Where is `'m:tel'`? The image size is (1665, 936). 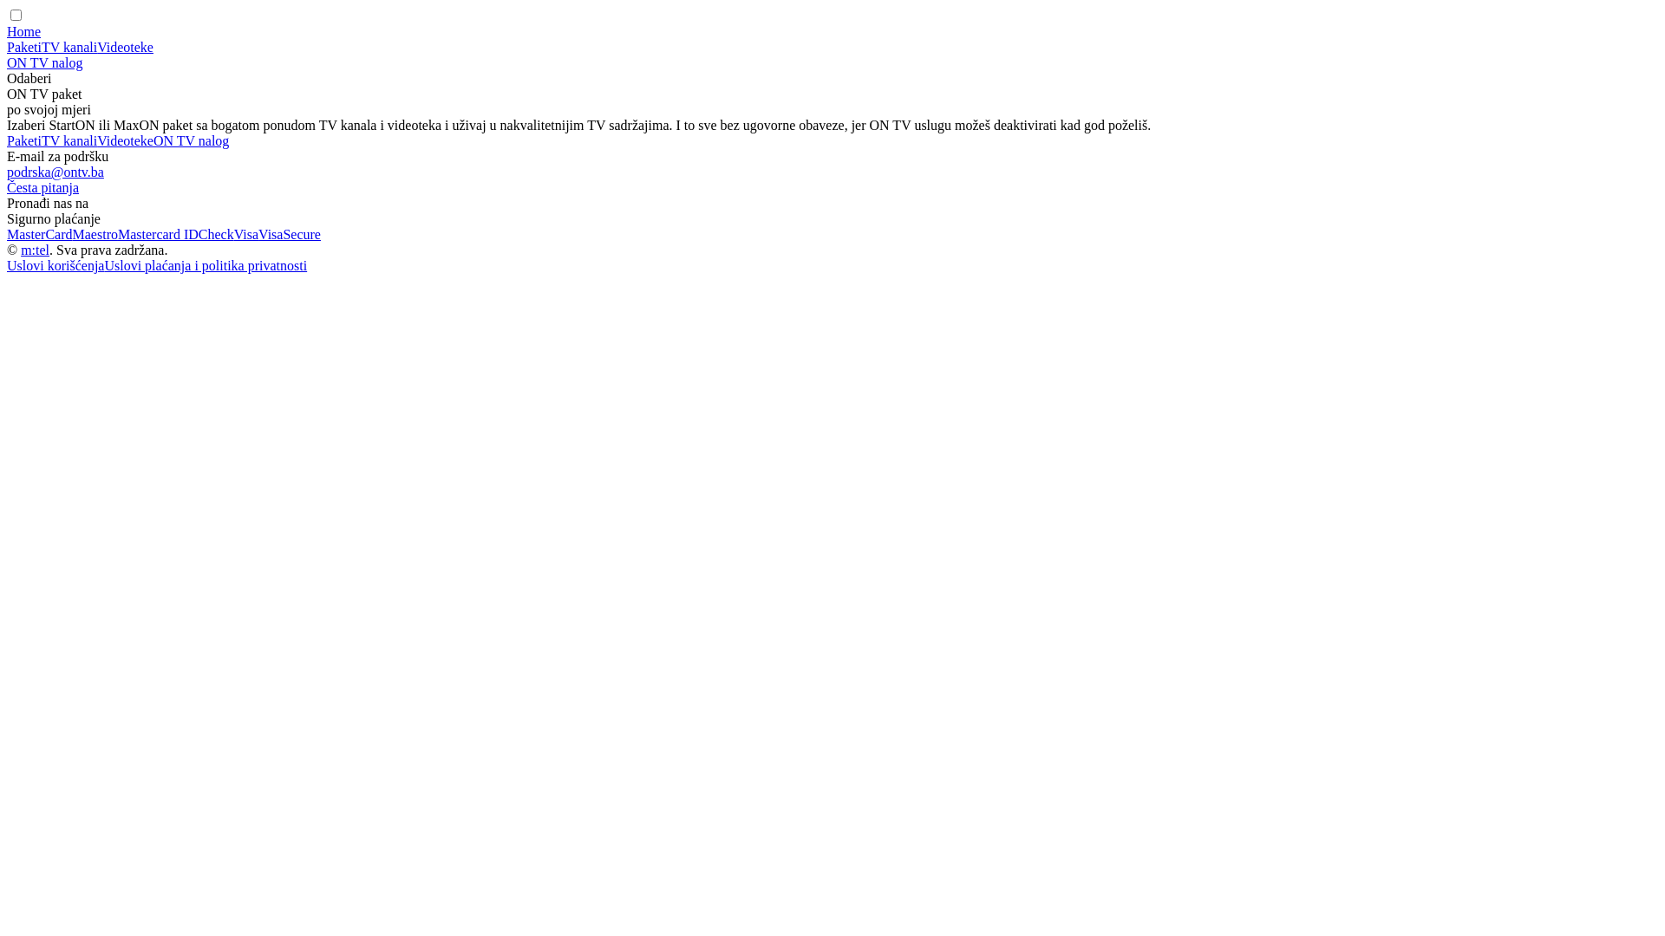
'm:tel' is located at coordinates (35, 250).